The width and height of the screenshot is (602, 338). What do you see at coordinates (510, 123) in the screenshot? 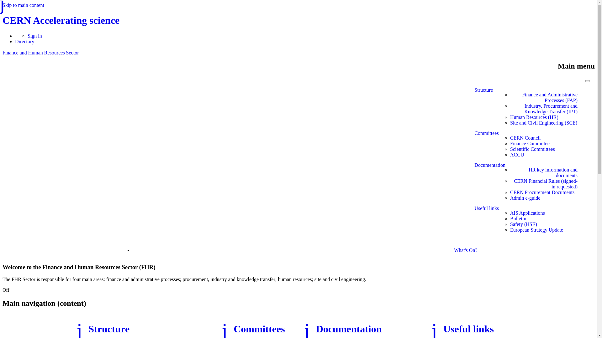
I see `'Site and Civil Engineering (SCE)'` at bounding box center [510, 123].